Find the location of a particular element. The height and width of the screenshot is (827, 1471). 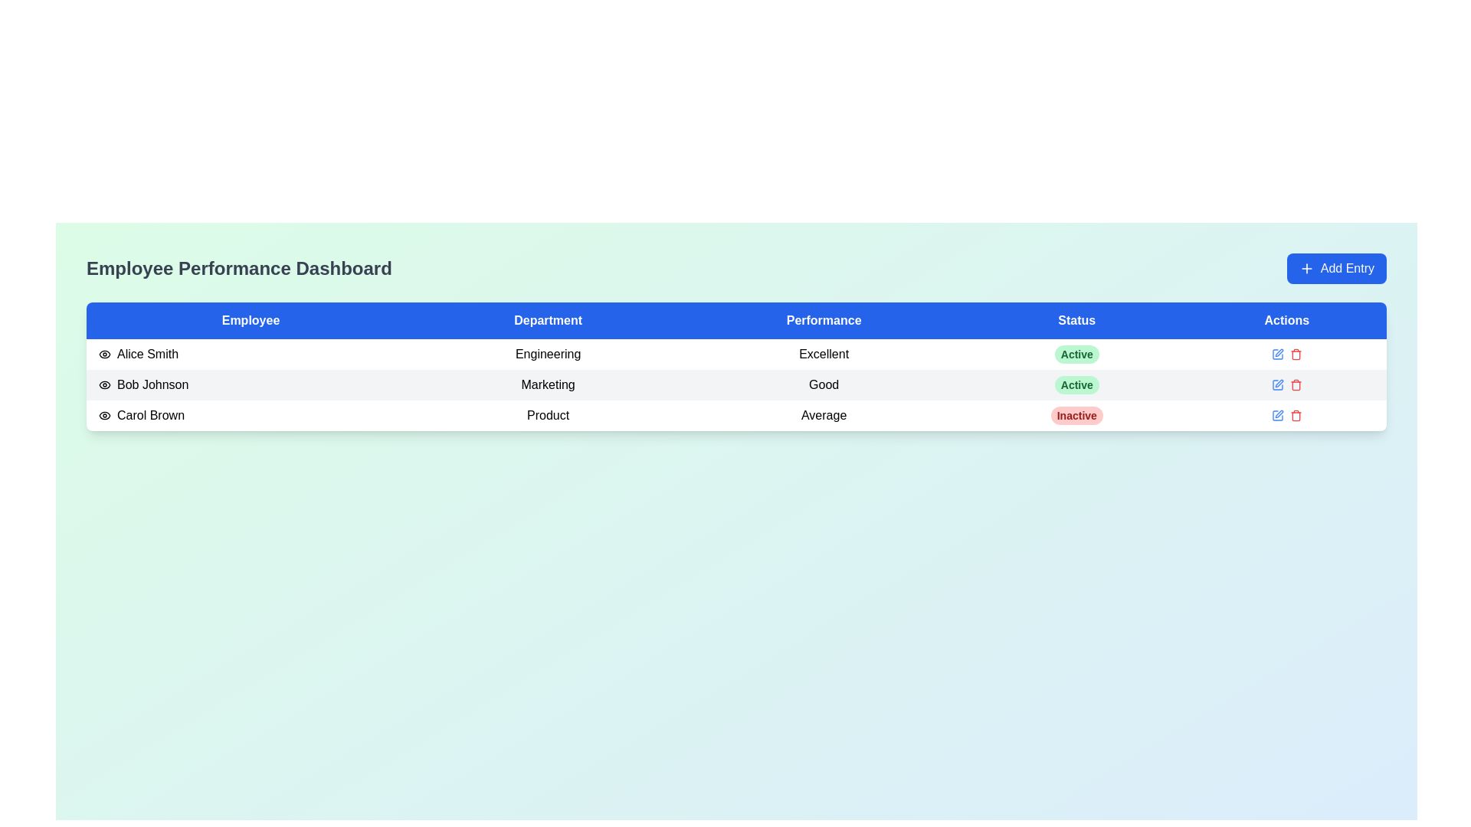

the edit action button, which is the first icon from the left in the 'Actions' column of the last row in the table is located at coordinates (1277, 416).